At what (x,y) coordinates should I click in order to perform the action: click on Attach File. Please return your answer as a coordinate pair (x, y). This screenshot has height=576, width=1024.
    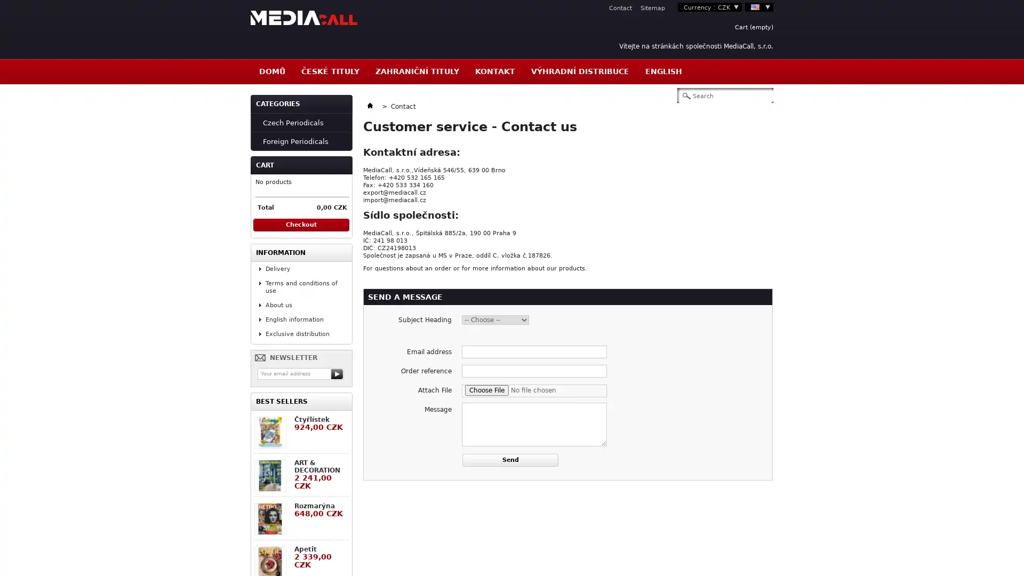
    Looking at the image, I should click on (534, 390).